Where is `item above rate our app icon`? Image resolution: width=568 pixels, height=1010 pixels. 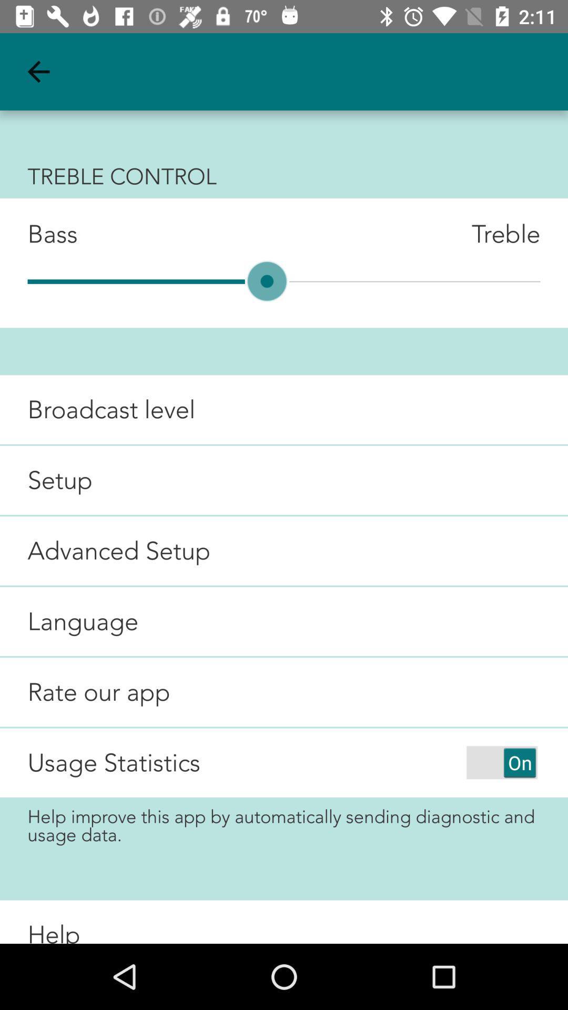
item above rate our app icon is located at coordinates (69, 621).